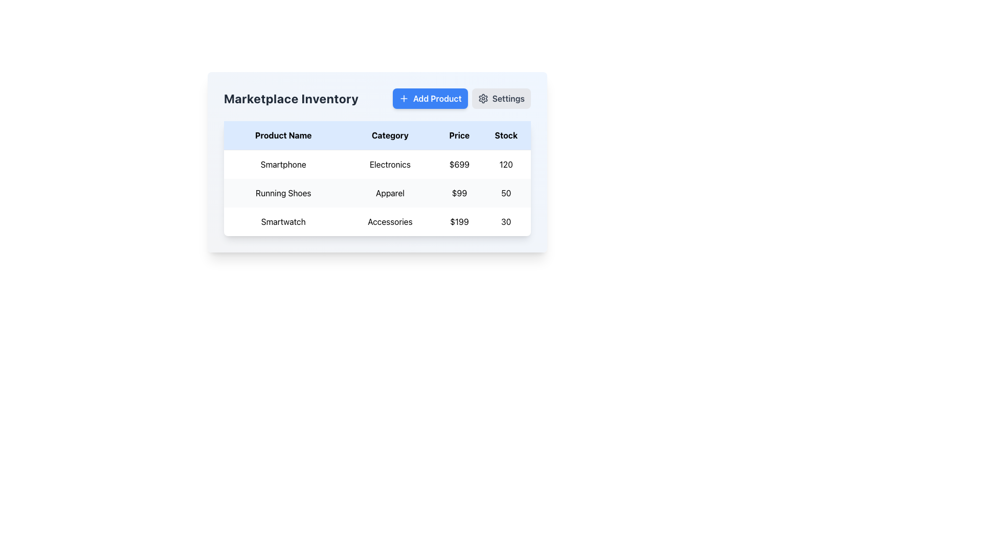  What do you see at coordinates (389, 193) in the screenshot?
I see `the text label displaying 'Apparel' located in the second row of the table under the 'Category' column header` at bounding box center [389, 193].